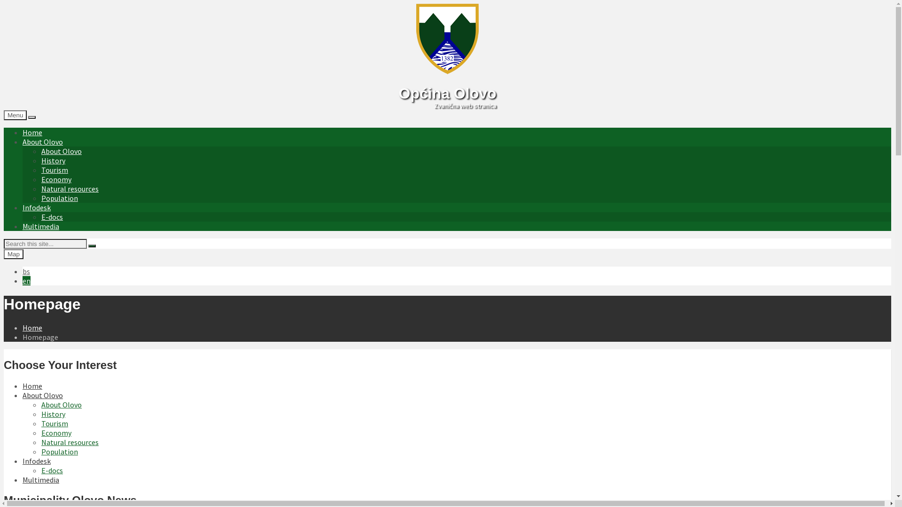  Describe the element at coordinates (61, 404) in the screenshot. I see `'About Olovo'` at that location.